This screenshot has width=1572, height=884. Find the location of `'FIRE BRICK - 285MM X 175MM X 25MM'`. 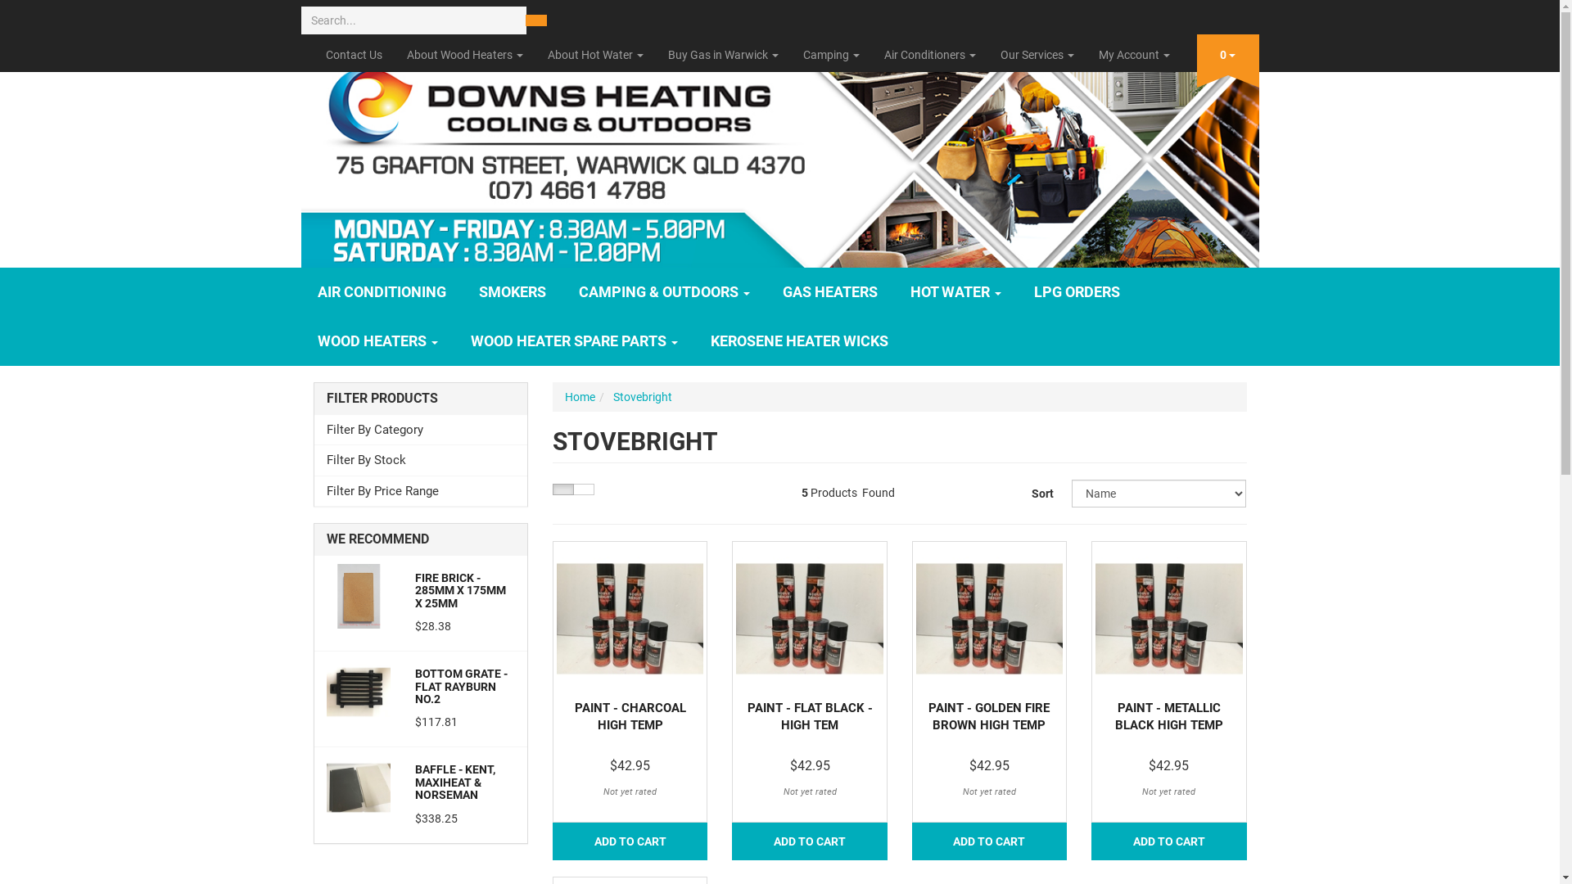

'FIRE BRICK - 285MM X 175MM X 25MM' is located at coordinates (459, 590).